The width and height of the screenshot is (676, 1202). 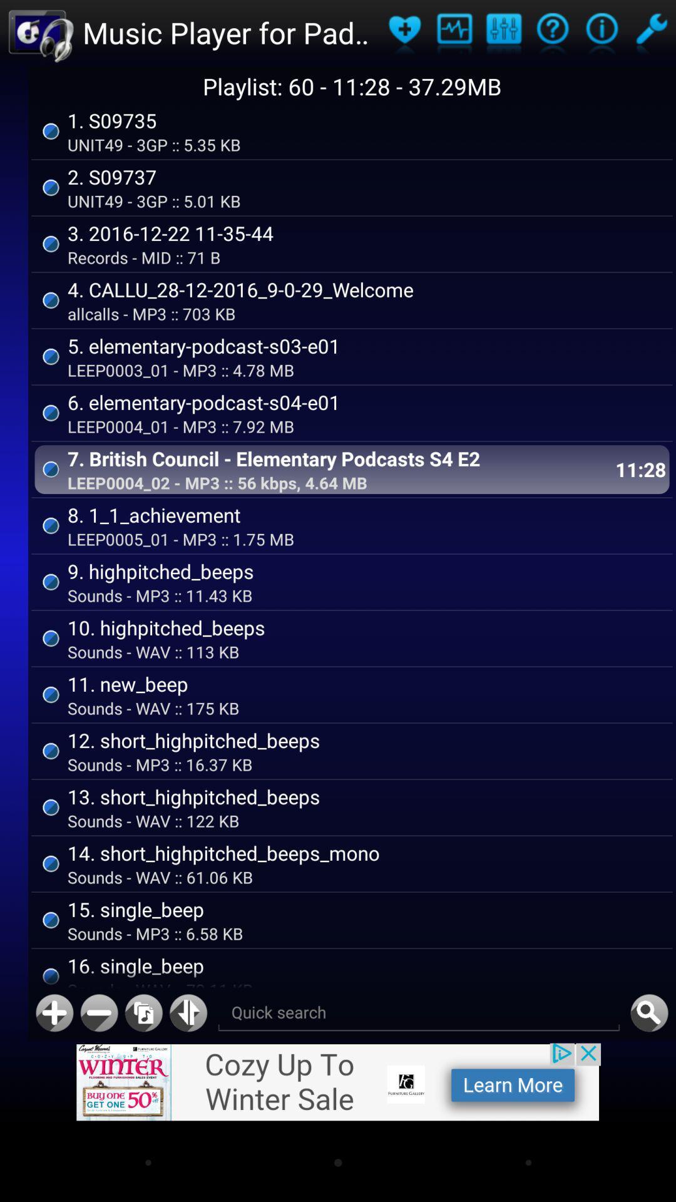 What do you see at coordinates (601, 33) in the screenshot?
I see `help button` at bounding box center [601, 33].